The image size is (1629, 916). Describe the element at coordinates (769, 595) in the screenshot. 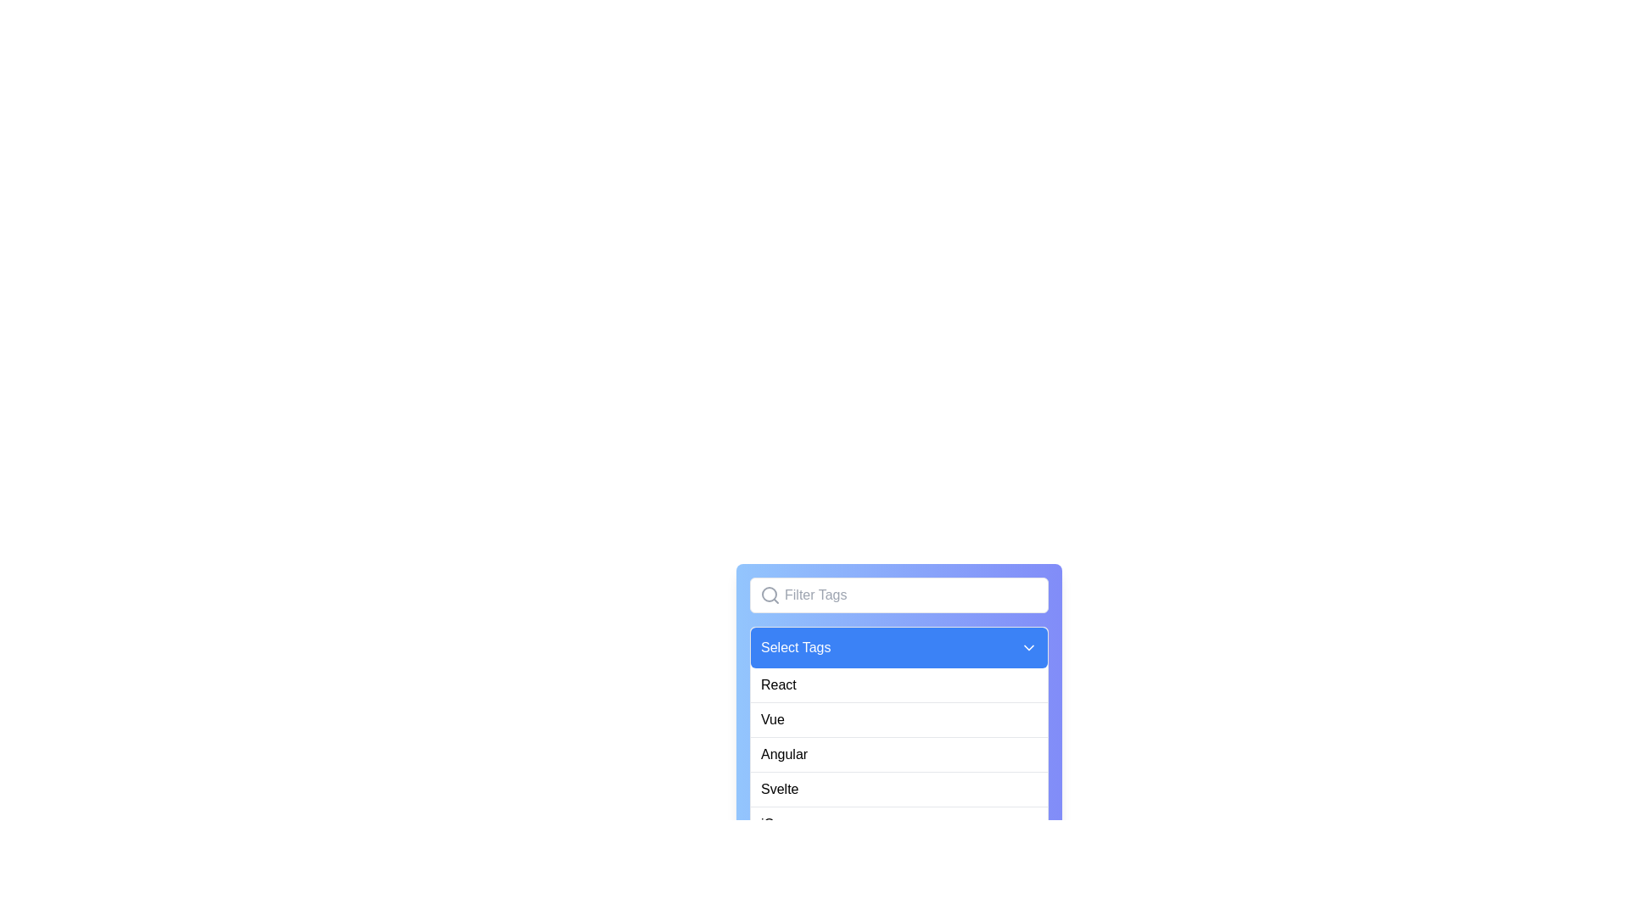

I see `the small gray magnifying glass icon located to the left inside the 'Filter Tags' text input field` at that location.